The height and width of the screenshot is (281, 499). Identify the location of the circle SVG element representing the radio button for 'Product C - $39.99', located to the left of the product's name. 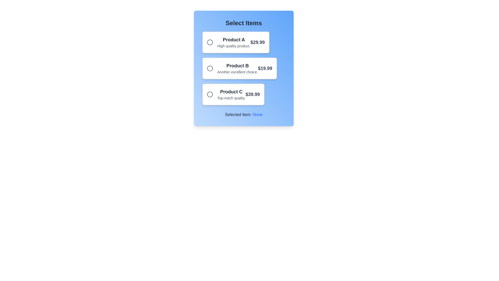
(210, 94).